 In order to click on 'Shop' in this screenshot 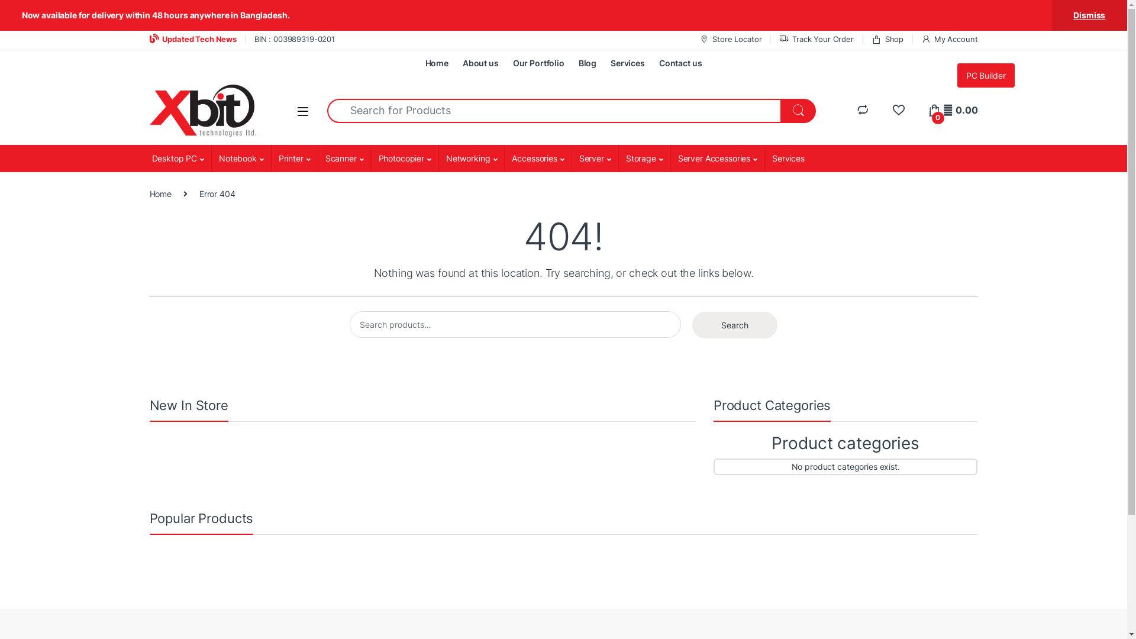, I will do `click(887, 38)`.